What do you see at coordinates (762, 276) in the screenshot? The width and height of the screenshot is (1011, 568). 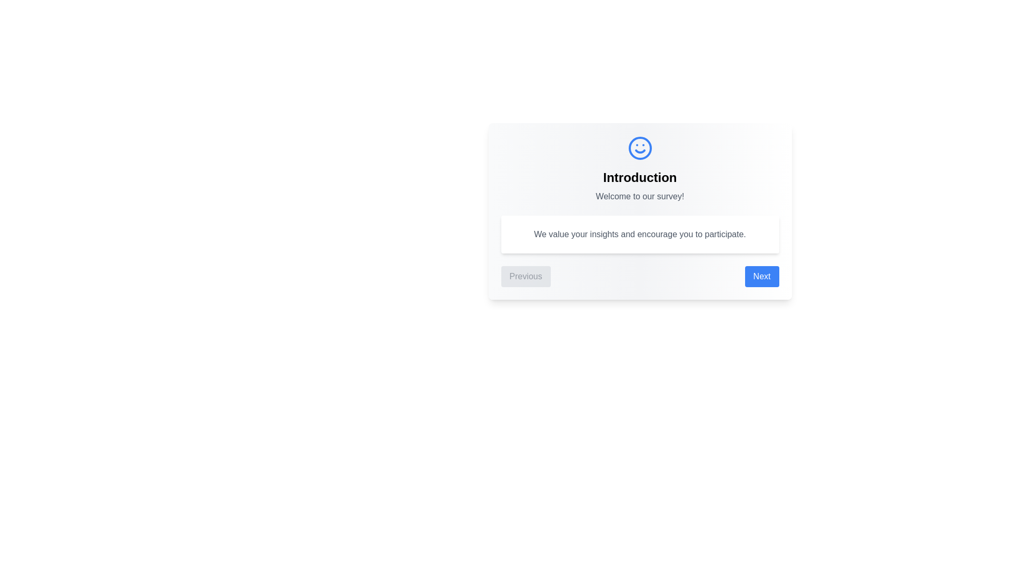 I see `the Next button to navigate through the steps` at bounding box center [762, 276].